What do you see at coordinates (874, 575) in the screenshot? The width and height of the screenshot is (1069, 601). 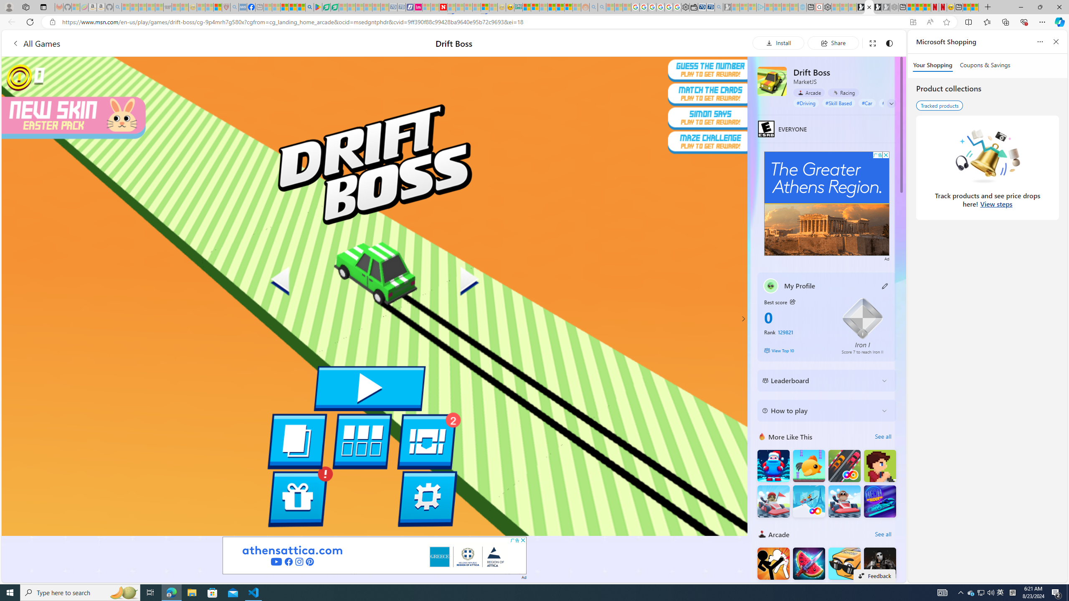 I see `'Feedback'` at bounding box center [874, 575].